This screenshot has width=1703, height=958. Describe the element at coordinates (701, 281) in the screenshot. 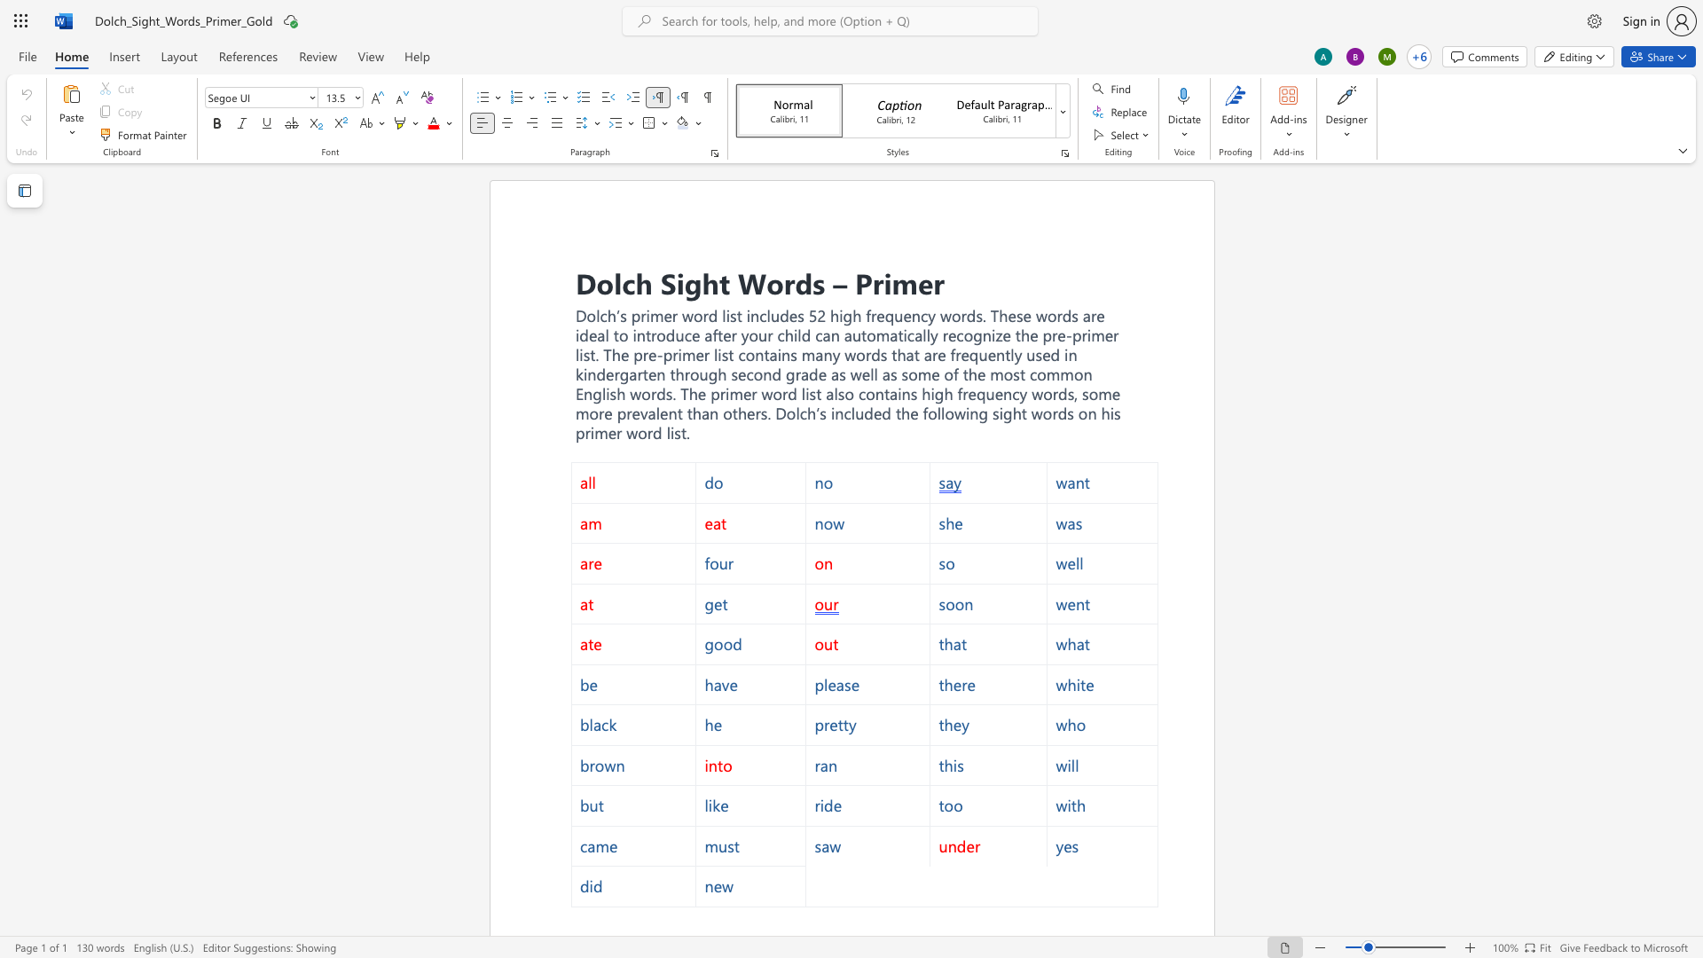

I see `the space between the continuous character "g" and "h" in the text` at that location.